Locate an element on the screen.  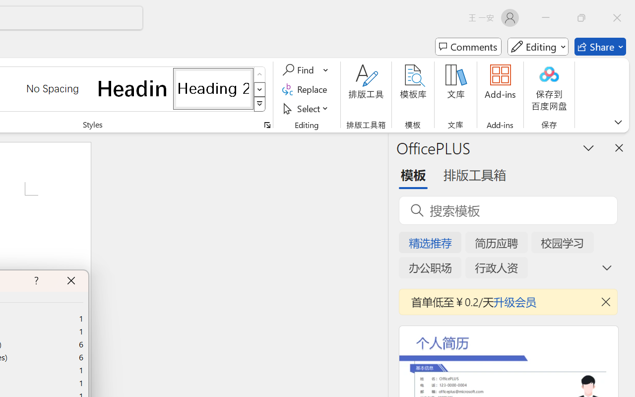
'Ribbon Display Options' is located at coordinates (618, 122).